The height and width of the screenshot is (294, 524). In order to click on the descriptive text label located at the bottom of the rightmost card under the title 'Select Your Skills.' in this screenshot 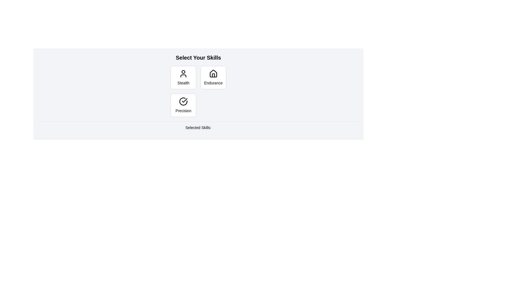, I will do `click(183, 111)`.